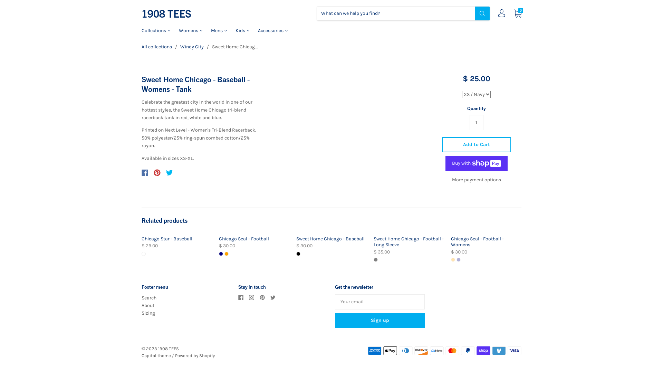 Image resolution: width=663 pixels, height=373 pixels. I want to click on 'Sign up', so click(379, 321).